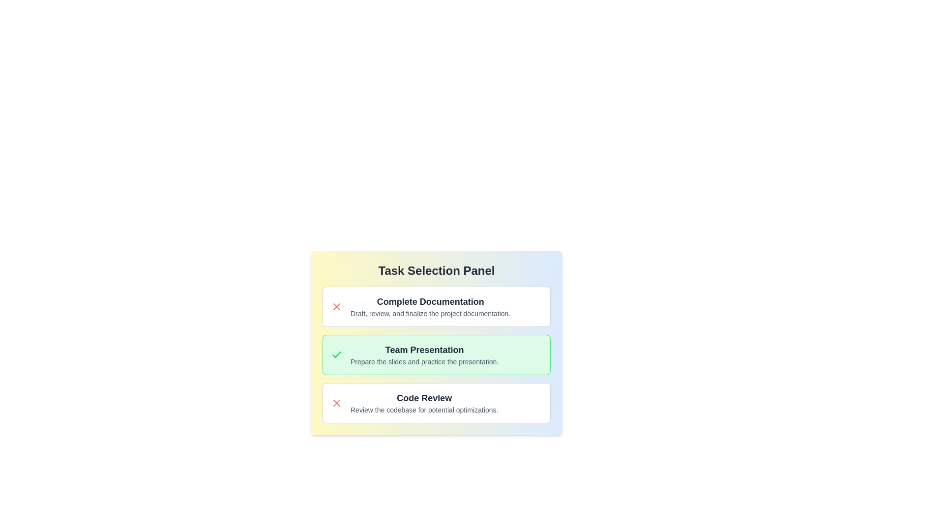  I want to click on the green checkmark icon located in the leftmost segment of the green-highlighted task box labeled 'Team Presentation', so click(337, 354).